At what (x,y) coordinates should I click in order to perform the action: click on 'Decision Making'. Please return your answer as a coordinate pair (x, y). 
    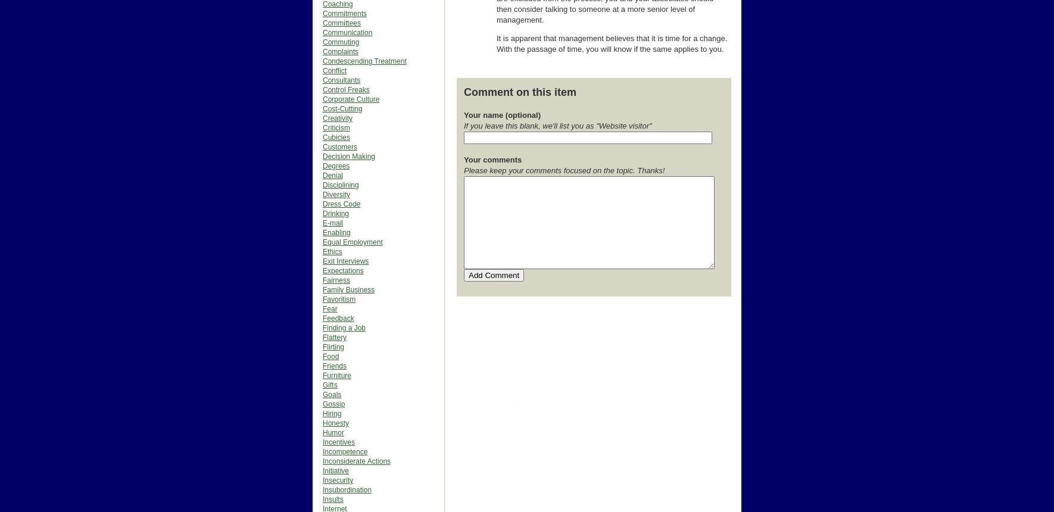
    Looking at the image, I should click on (349, 156).